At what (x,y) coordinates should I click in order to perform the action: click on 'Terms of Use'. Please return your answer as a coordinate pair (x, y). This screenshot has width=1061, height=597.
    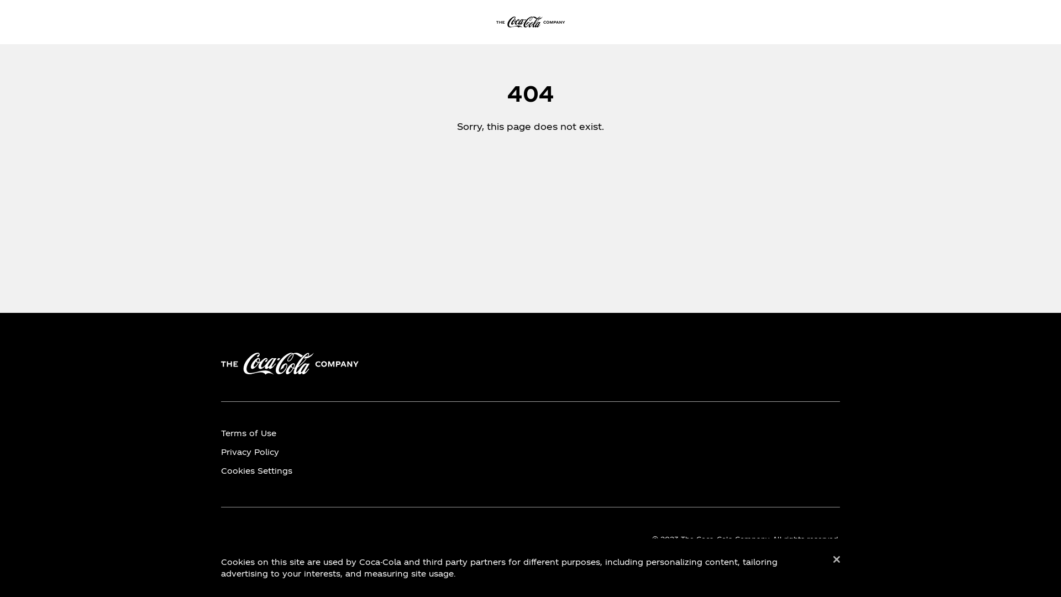
    Looking at the image, I should click on (248, 432).